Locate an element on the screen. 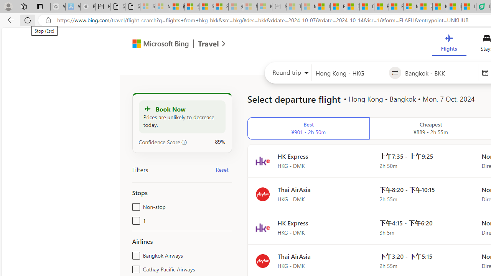 The width and height of the screenshot is (491, 276). 'Leaving from?' is located at coordinates (349, 73).